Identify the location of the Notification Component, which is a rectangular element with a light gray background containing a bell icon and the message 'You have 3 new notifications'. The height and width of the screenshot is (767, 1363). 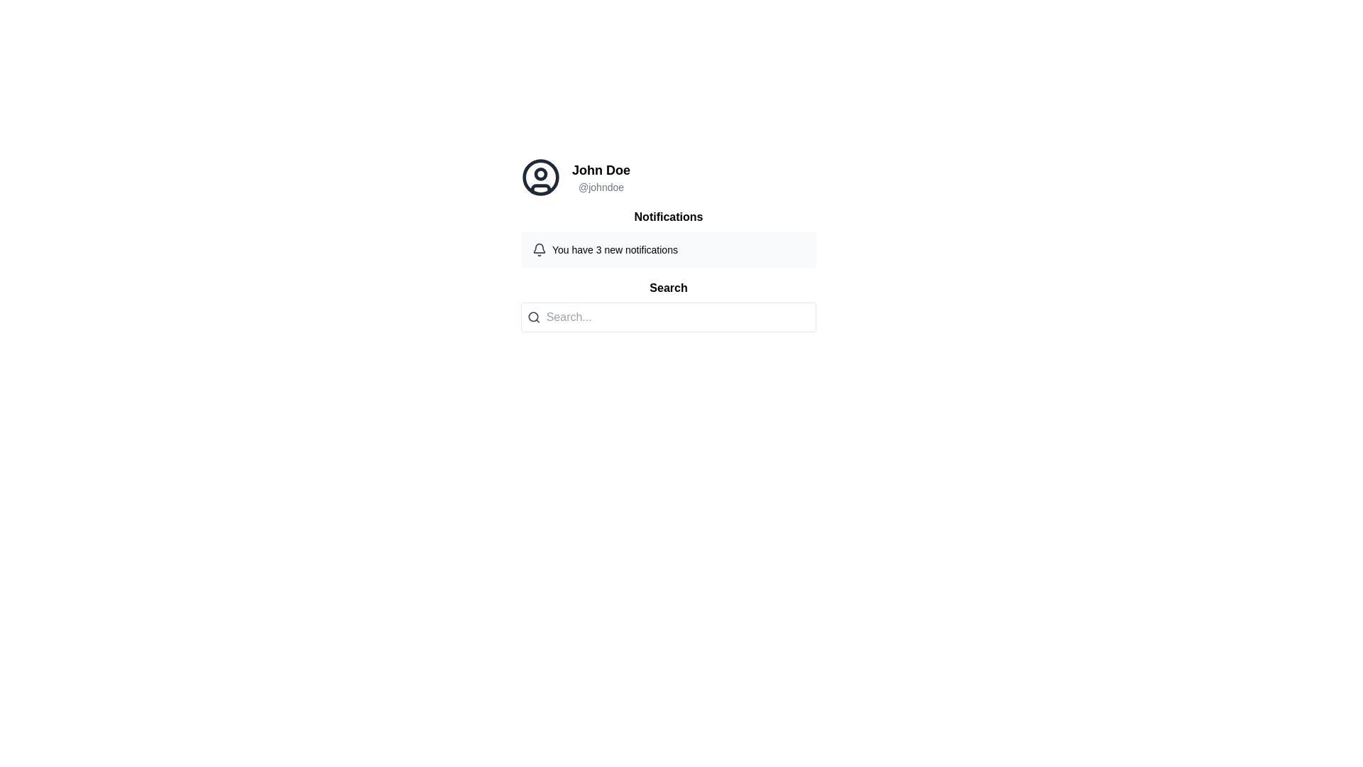
(667, 249).